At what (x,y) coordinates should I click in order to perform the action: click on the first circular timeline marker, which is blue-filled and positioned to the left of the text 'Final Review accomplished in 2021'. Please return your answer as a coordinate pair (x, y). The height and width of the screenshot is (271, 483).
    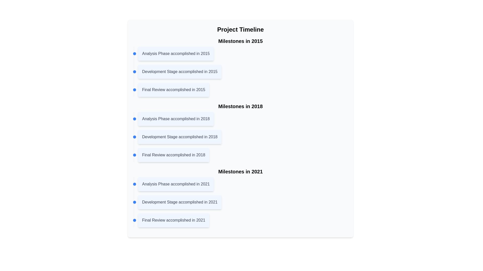
    Looking at the image, I should click on (134, 220).